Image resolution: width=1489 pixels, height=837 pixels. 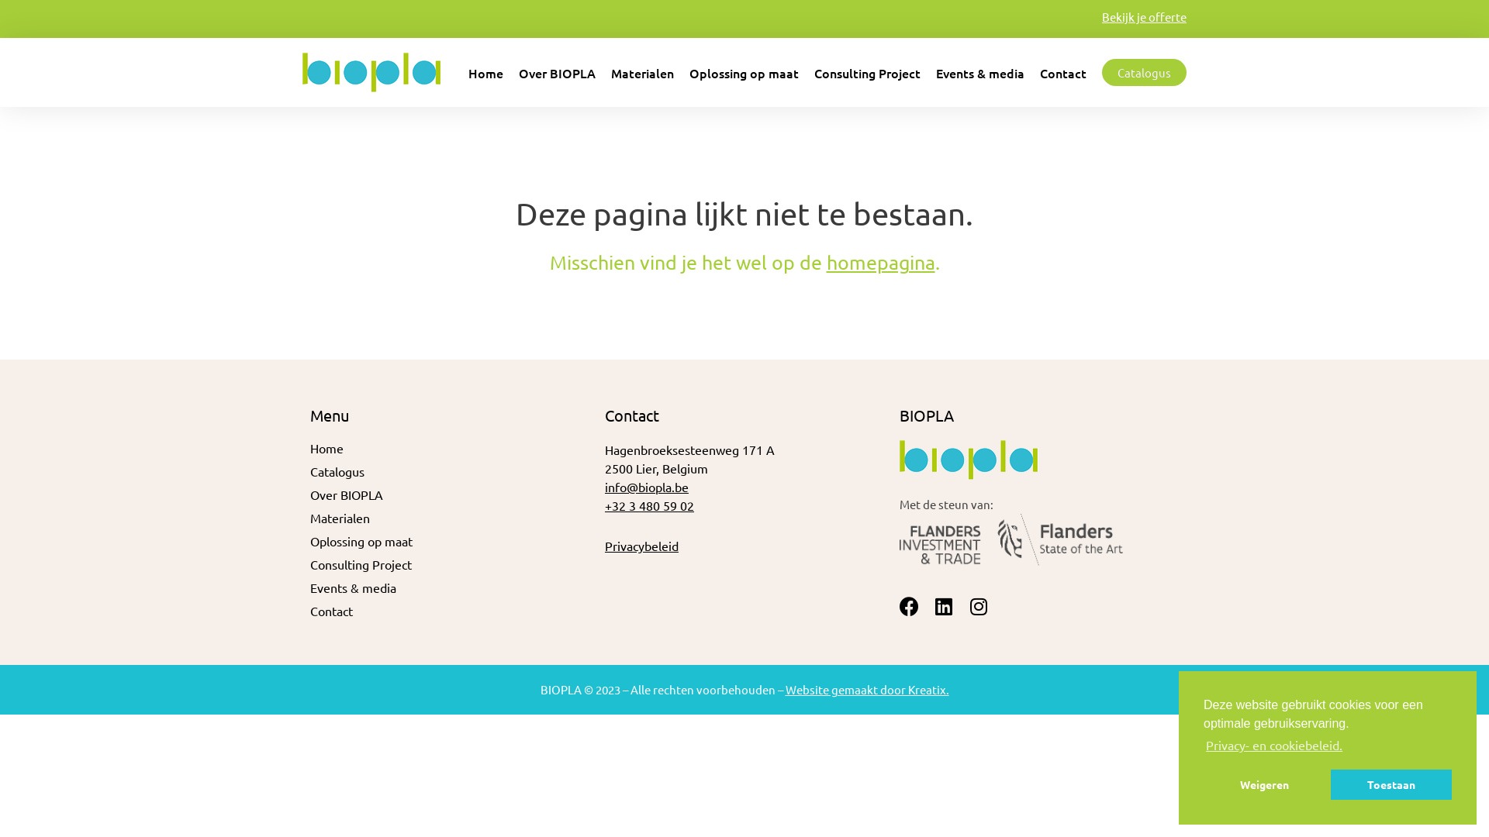 What do you see at coordinates (603, 486) in the screenshot?
I see `'info@biopla.be'` at bounding box center [603, 486].